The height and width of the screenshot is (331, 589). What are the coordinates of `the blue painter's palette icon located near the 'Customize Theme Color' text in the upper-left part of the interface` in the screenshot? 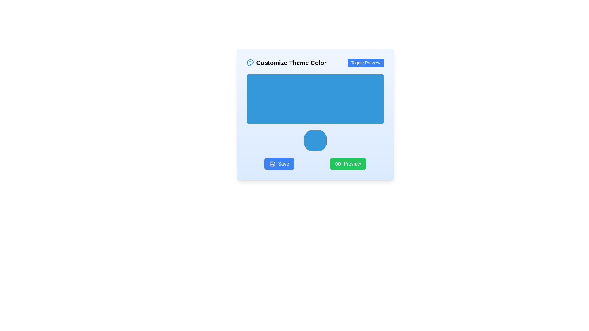 It's located at (250, 63).